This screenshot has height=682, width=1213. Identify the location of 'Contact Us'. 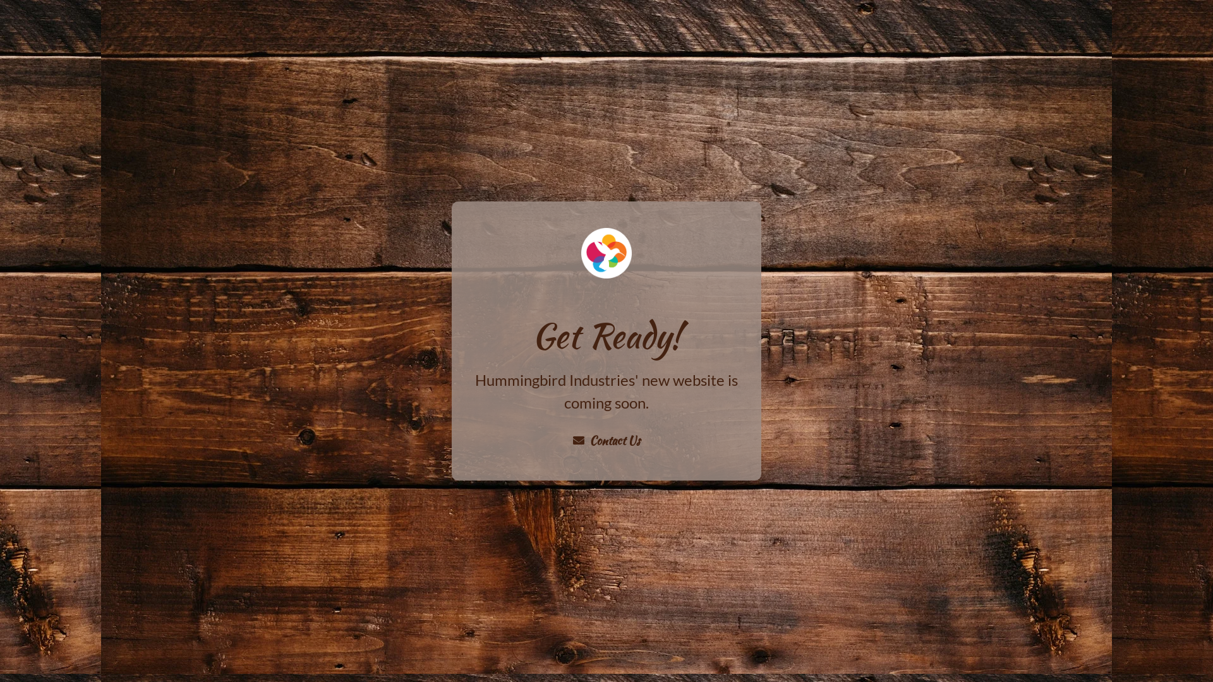
(606, 440).